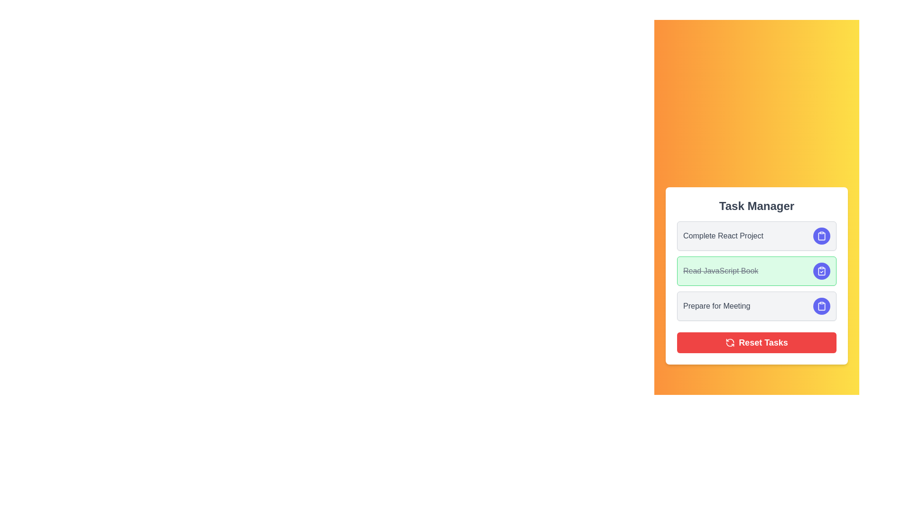  Describe the element at coordinates (756, 276) in the screenshot. I see `the clipboard button on the completed task card labeled 'Read JavaScript Book' within the task management interface` at that location.